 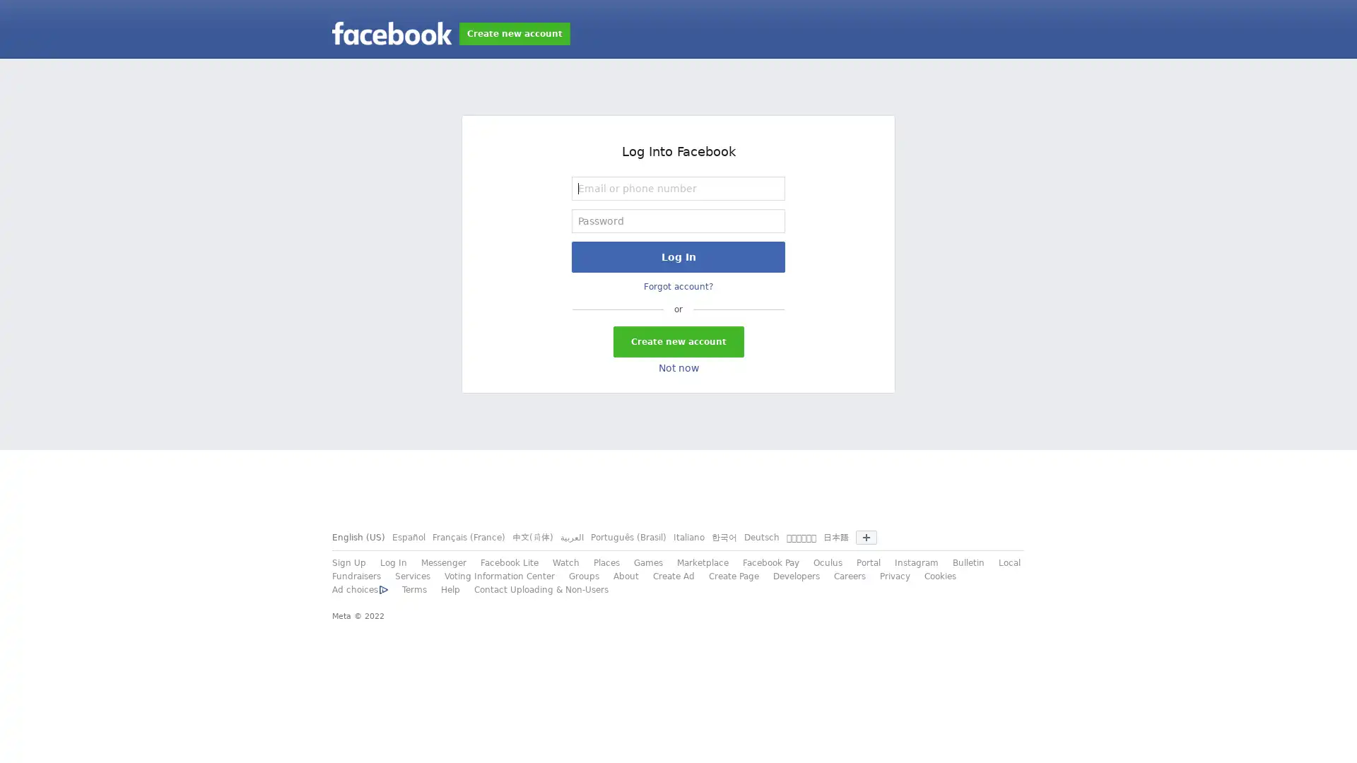 I want to click on Log In, so click(x=678, y=256).